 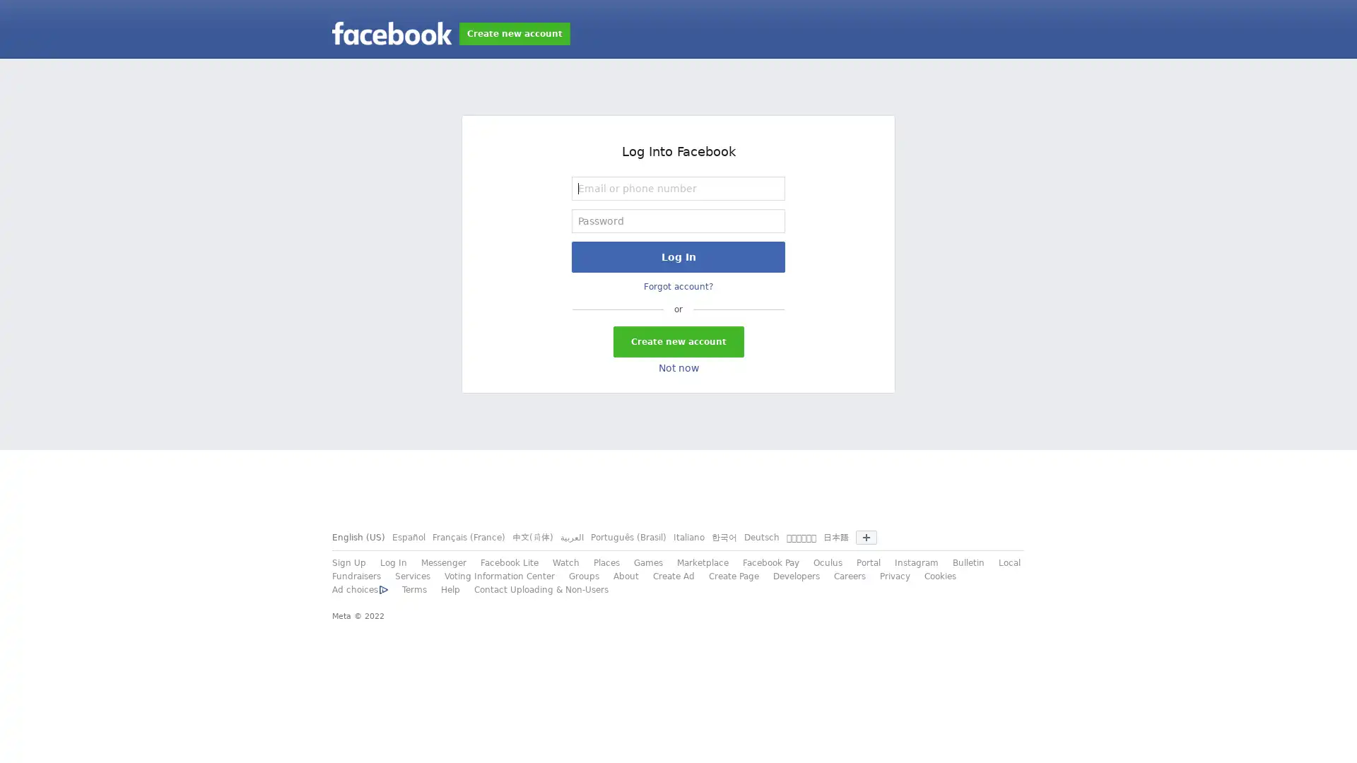 I want to click on Log In, so click(x=678, y=256).